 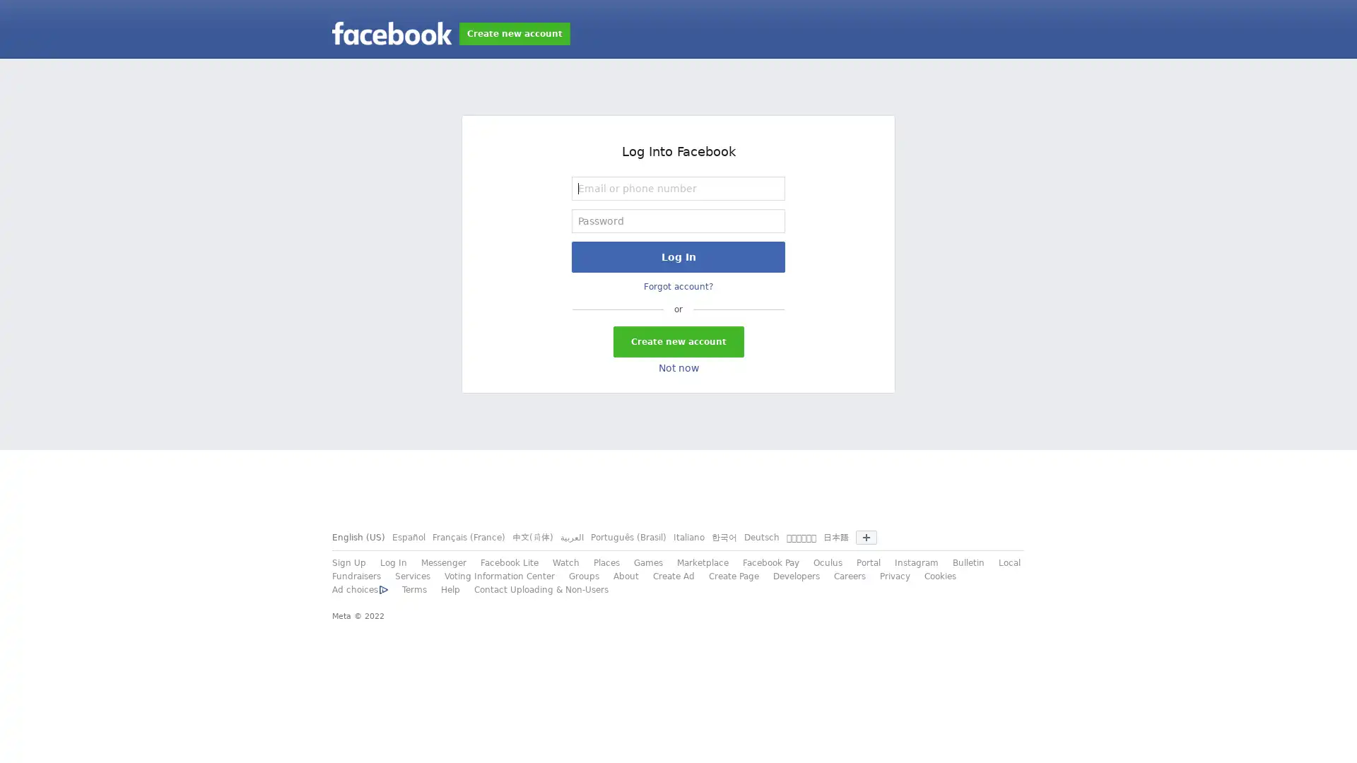 I want to click on Log In, so click(x=678, y=256).